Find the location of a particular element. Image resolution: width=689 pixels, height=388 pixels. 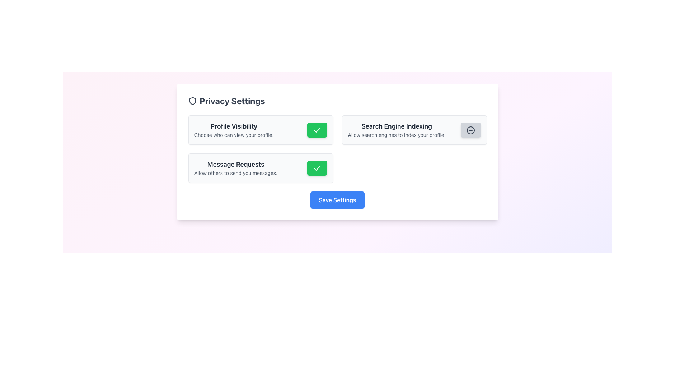

the 'Search Engine Indexing' text label is located at coordinates (396, 130).